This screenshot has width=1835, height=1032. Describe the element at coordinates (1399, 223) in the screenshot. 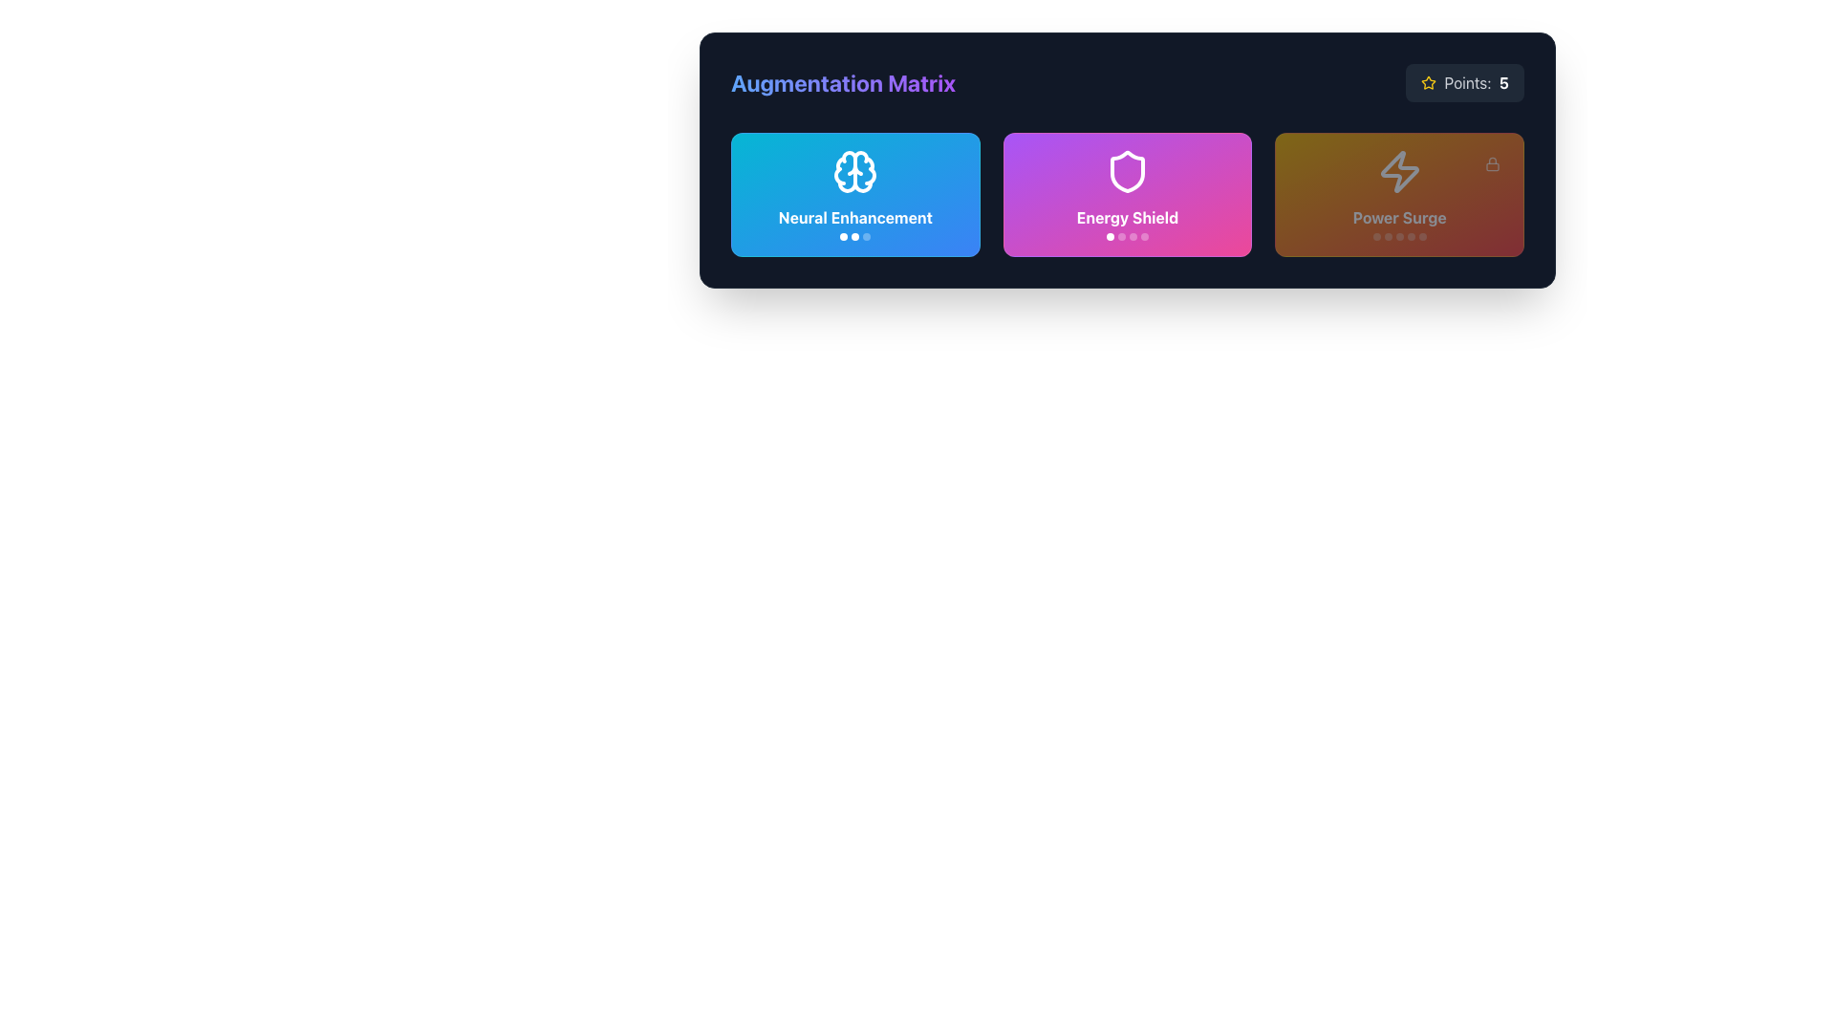

I see `text label titled 'Power Surge' located within a button-like component in the 'Augmentation Matrix' section` at that location.